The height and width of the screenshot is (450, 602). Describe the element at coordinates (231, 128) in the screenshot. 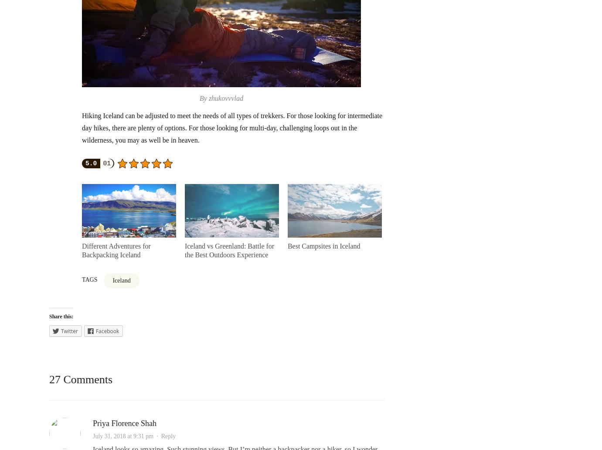

I see `'Hiking Iceland can be adjusted to meet the needs of all types of trekkers. For those looking for intermediate day hikes, there are plenty of options. For those looking for multi-day, challenging loops out in the wilderness, you may as well be in heaven.'` at that location.